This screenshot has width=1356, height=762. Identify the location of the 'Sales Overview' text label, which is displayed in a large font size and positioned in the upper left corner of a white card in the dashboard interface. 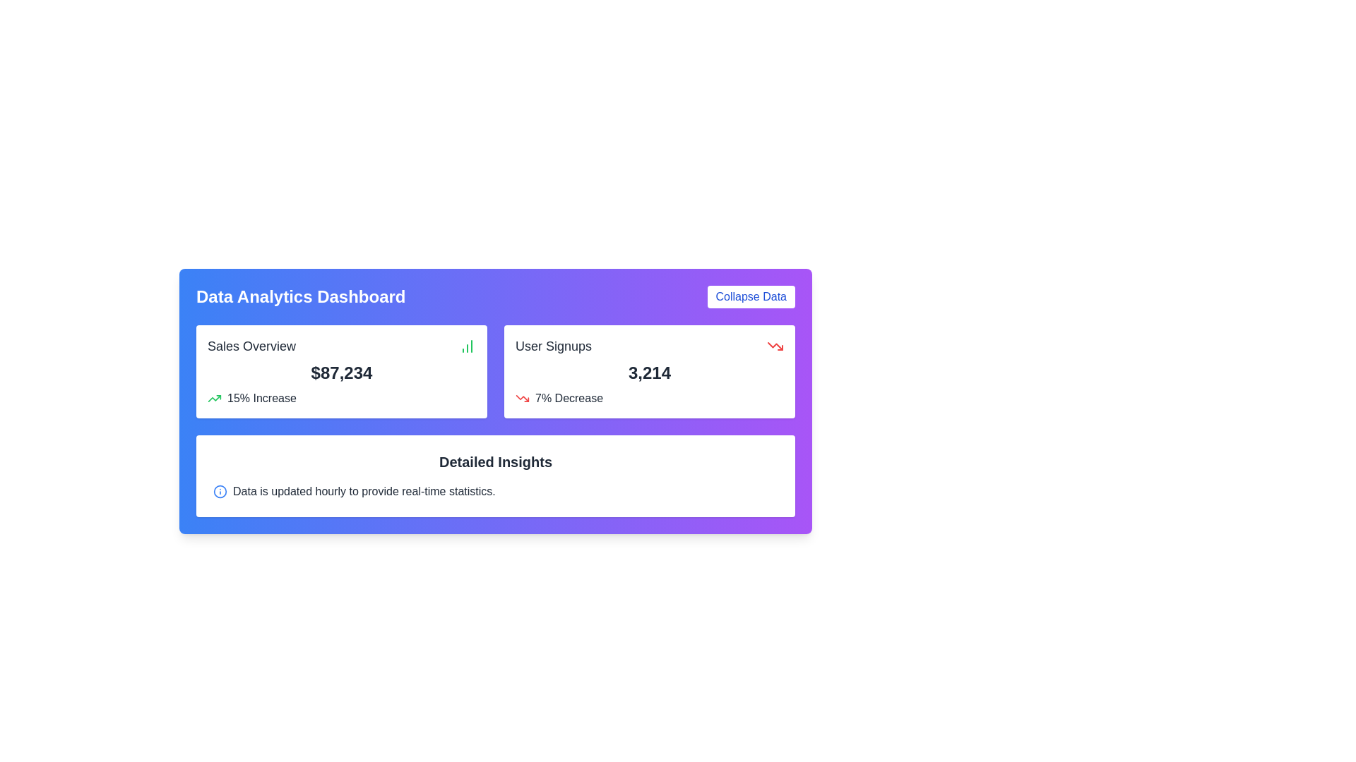
(251, 346).